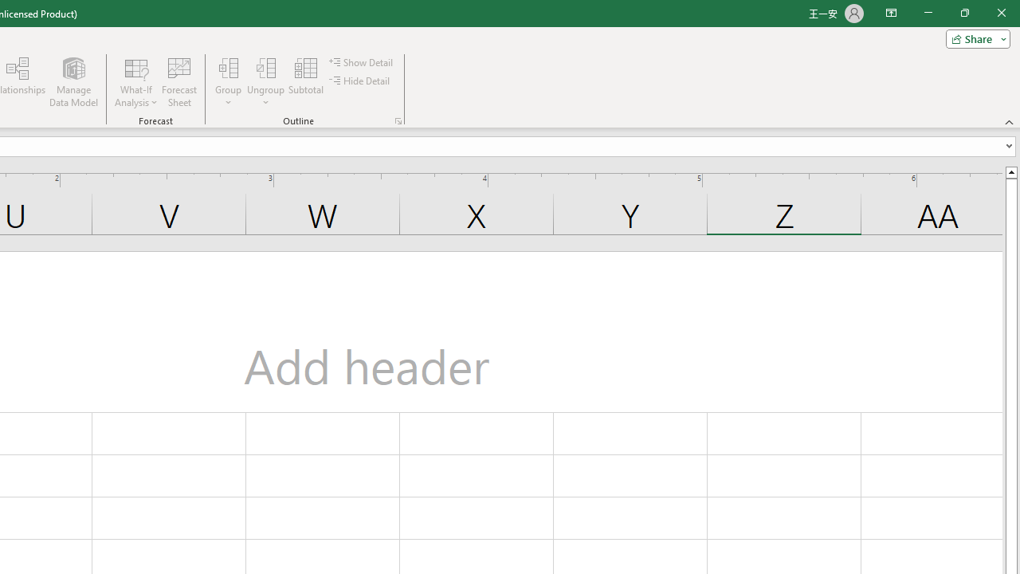 The height and width of the screenshot is (574, 1020). I want to click on 'Restore Down', so click(963, 13).